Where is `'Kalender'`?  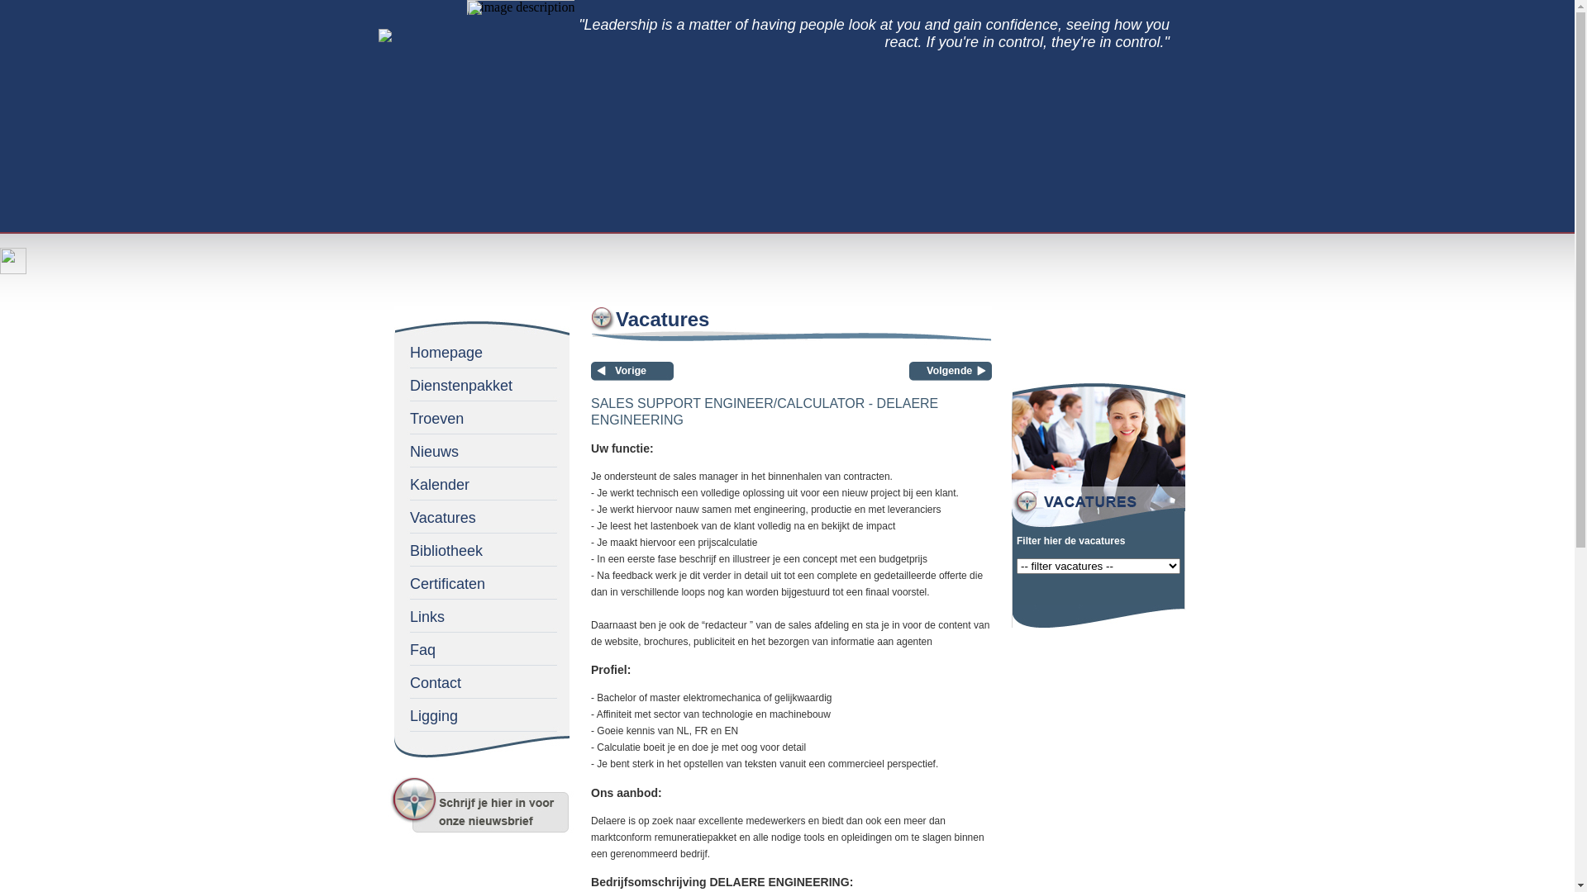 'Kalender' is located at coordinates (480, 481).